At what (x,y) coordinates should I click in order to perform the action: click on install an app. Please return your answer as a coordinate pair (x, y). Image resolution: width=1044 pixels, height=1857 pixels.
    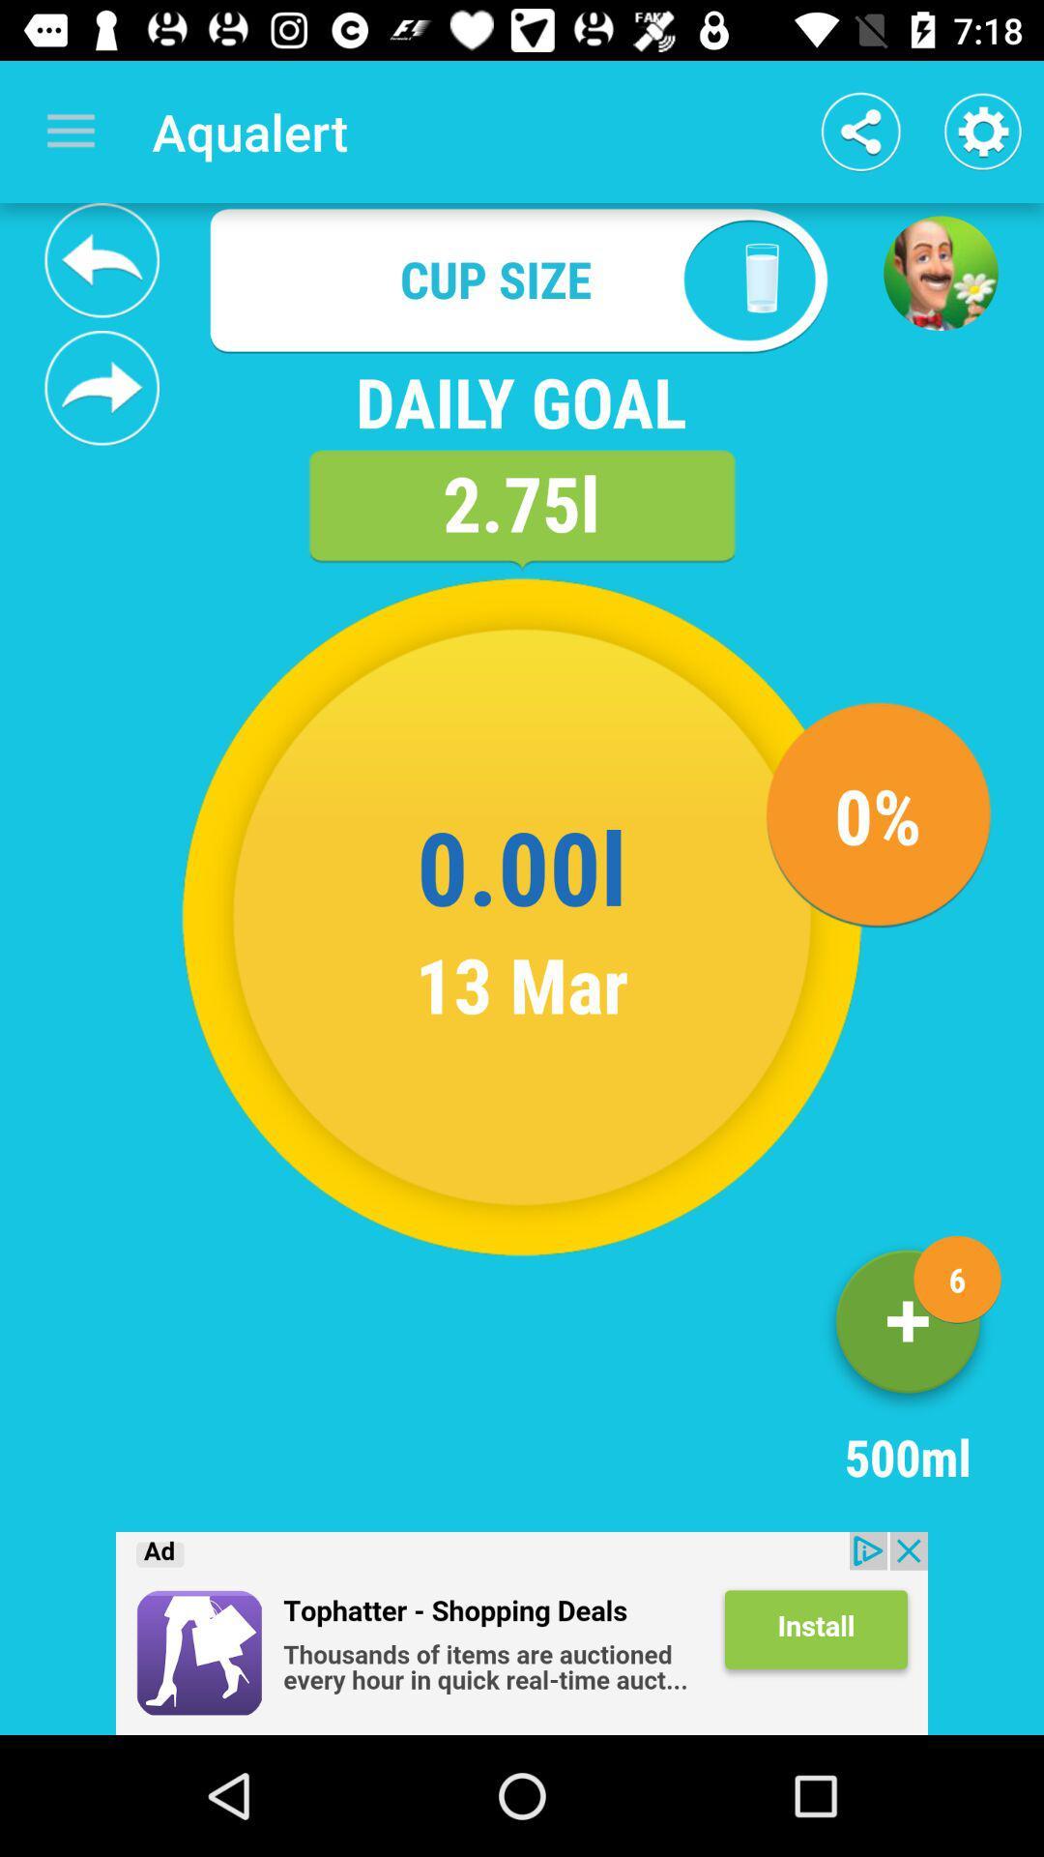
    Looking at the image, I should click on (522, 1633).